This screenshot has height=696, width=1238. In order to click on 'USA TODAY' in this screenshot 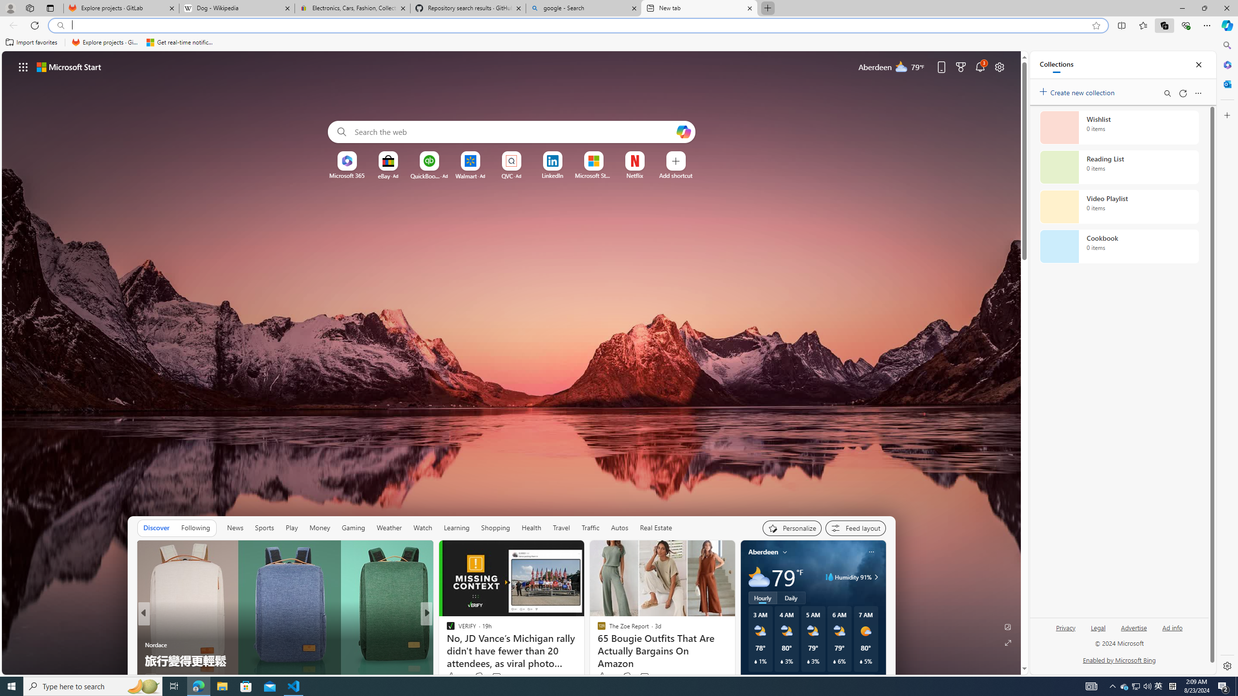, I will do `click(445, 629)`.